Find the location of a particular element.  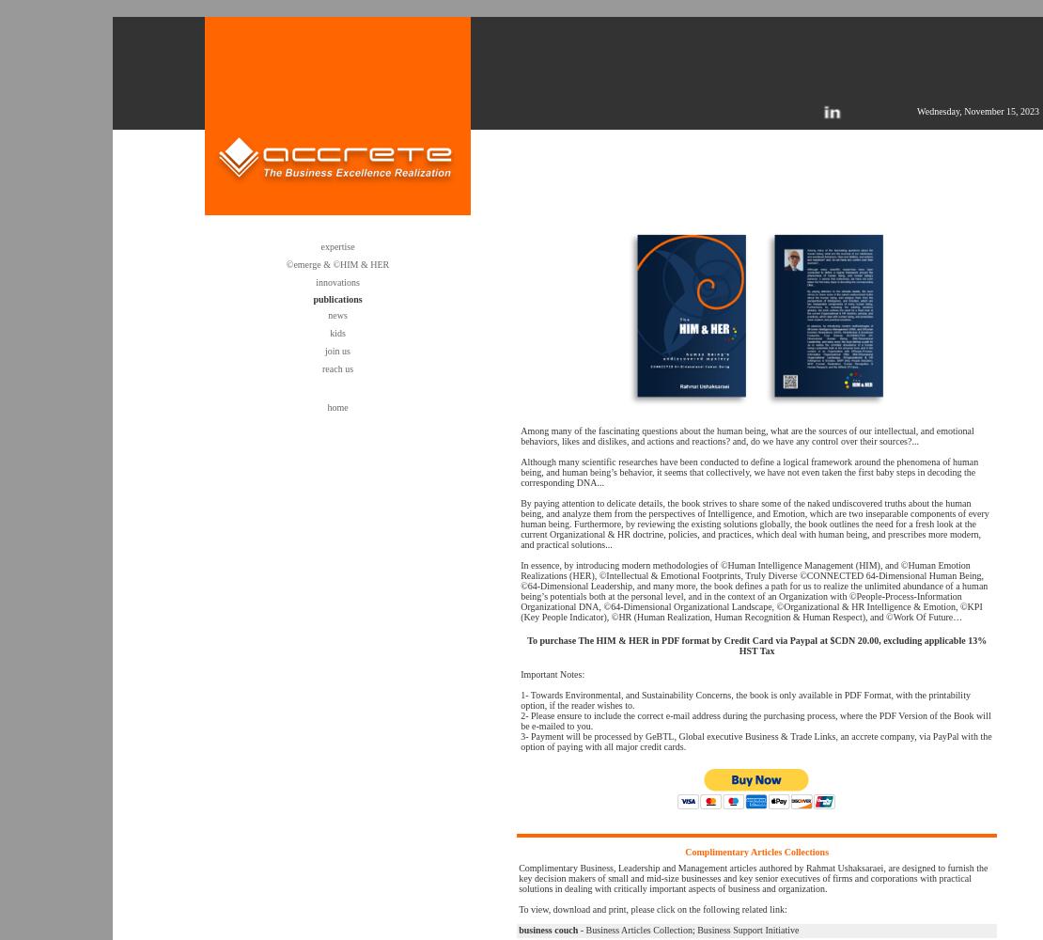

'join us' is located at coordinates (337, 349).